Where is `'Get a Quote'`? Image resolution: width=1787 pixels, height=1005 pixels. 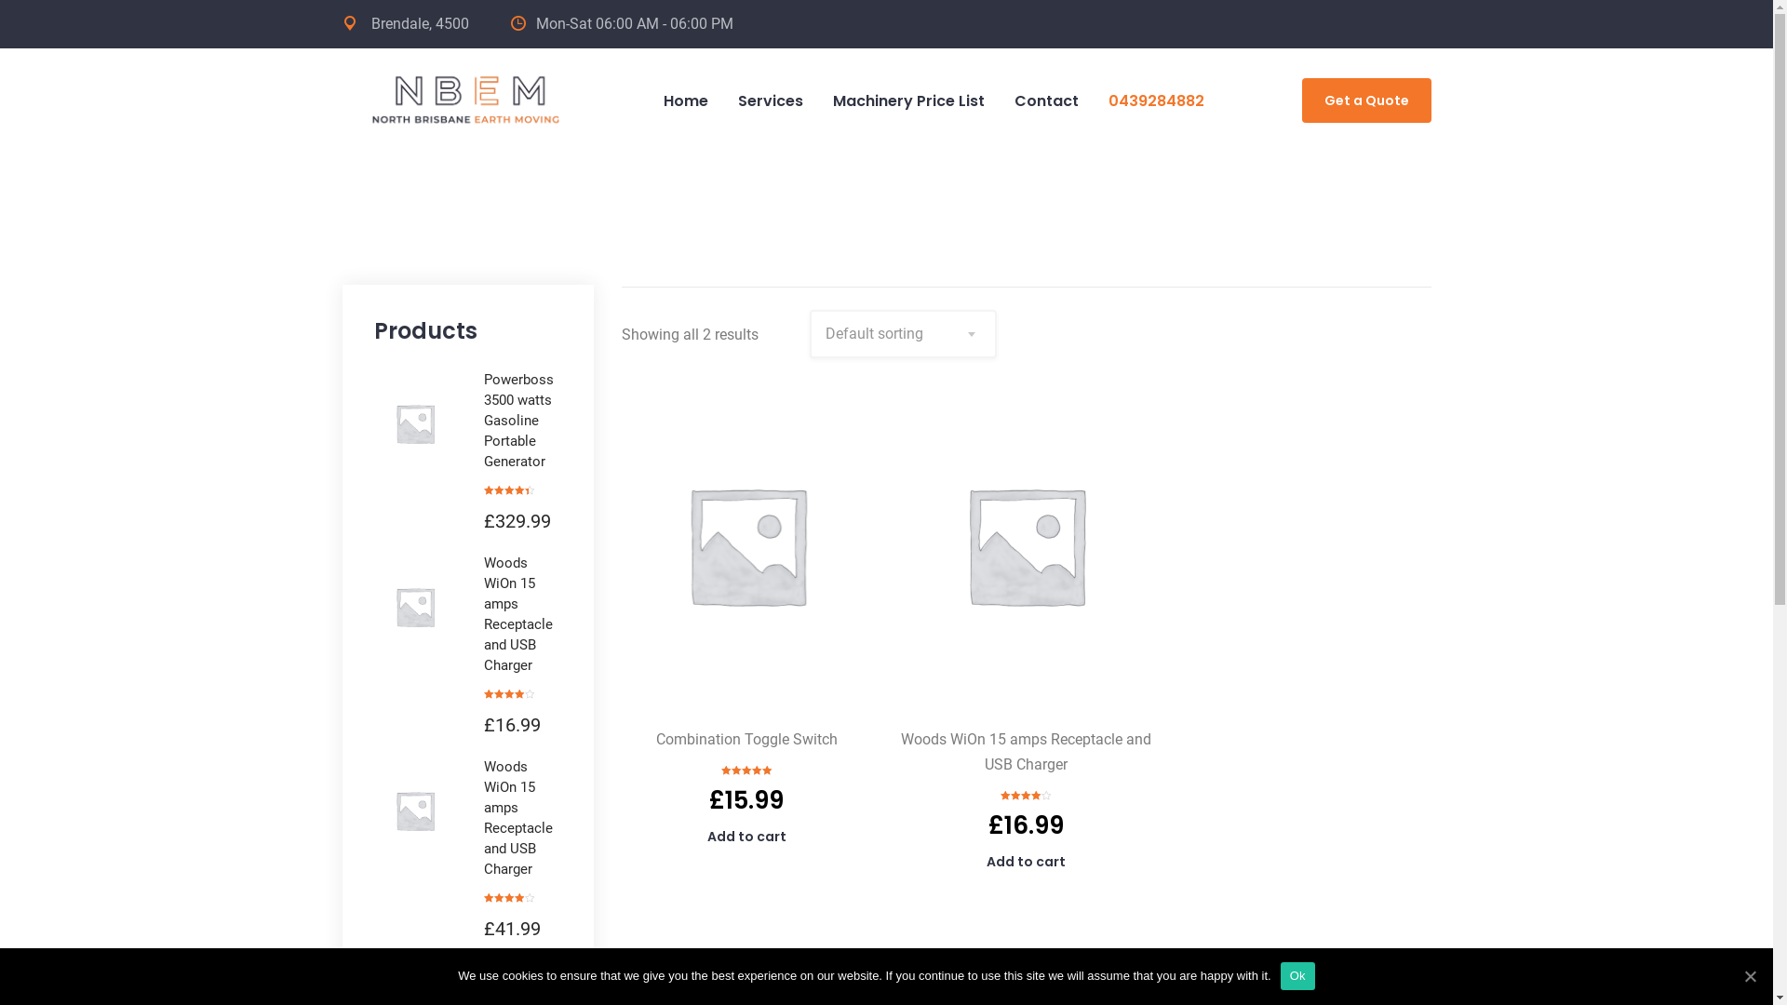
'Get a Quote' is located at coordinates (1365, 100).